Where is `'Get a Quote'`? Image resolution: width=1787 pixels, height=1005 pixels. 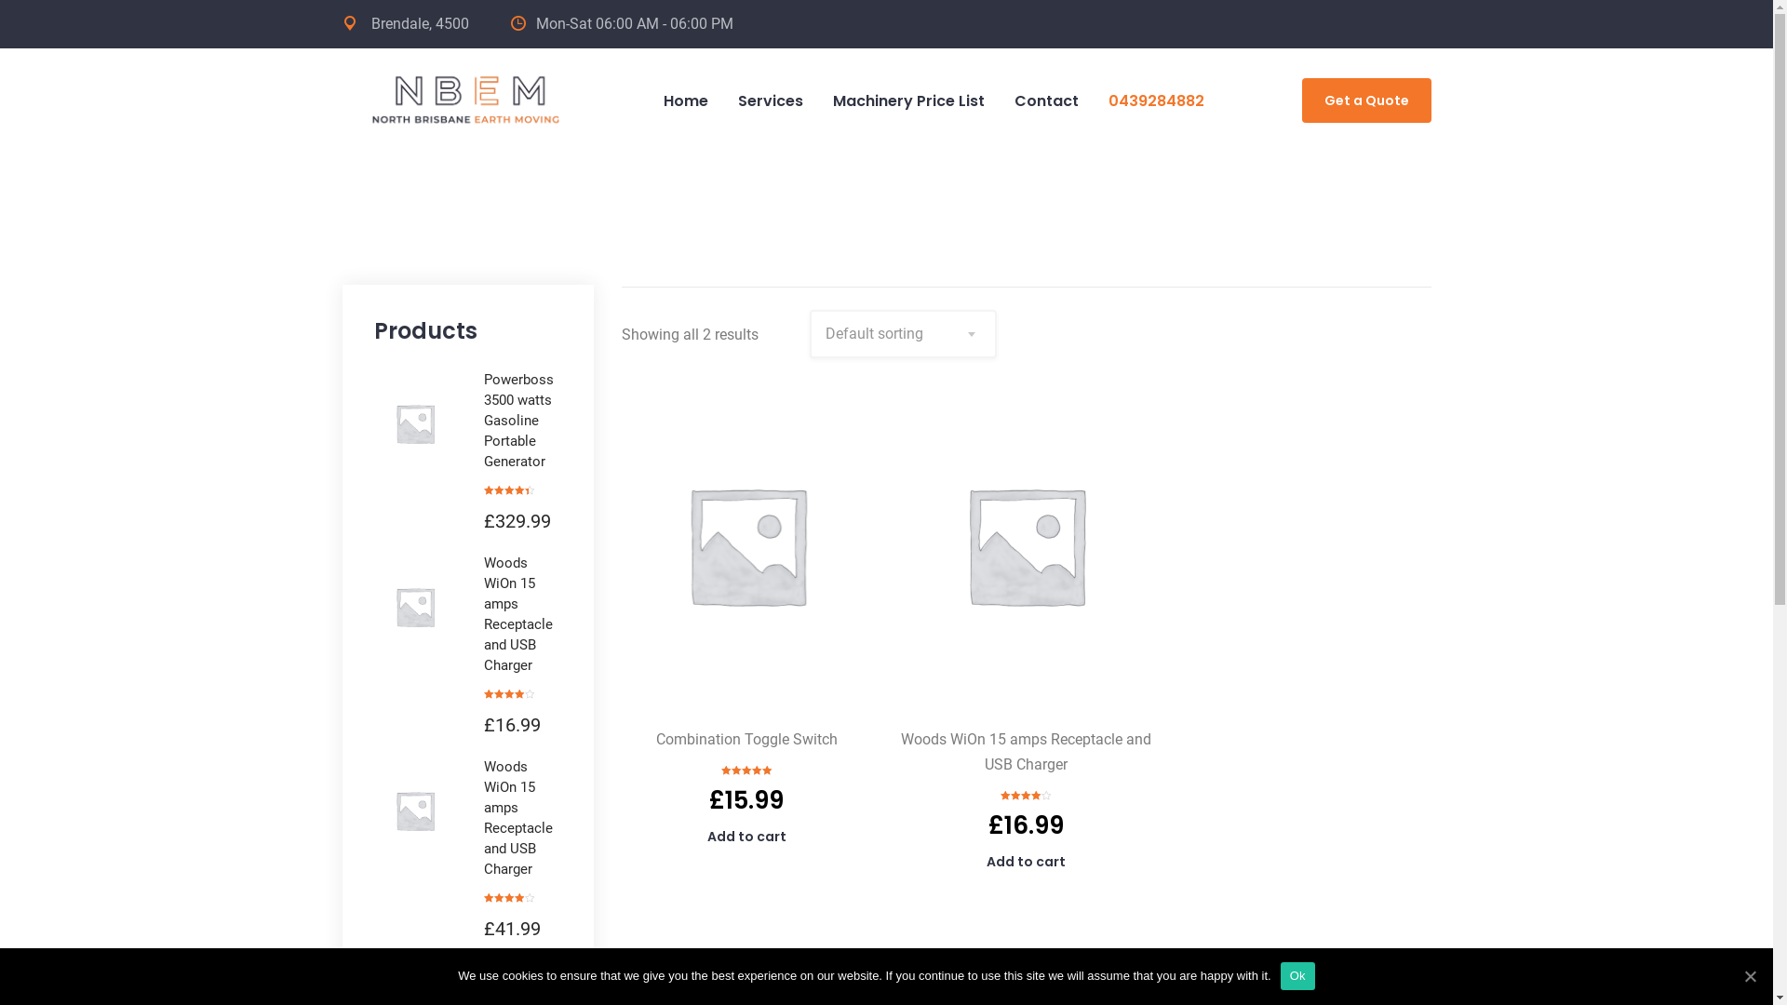
'Get a Quote' is located at coordinates (1365, 100).